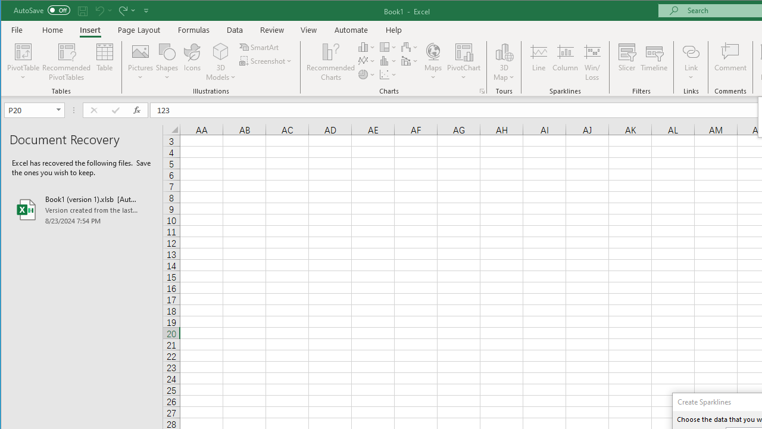 The width and height of the screenshot is (762, 429). Describe the element at coordinates (388, 74) in the screenshot. I see `'Insert Scatter (X, Y) or Bubble Chart'` at that location.